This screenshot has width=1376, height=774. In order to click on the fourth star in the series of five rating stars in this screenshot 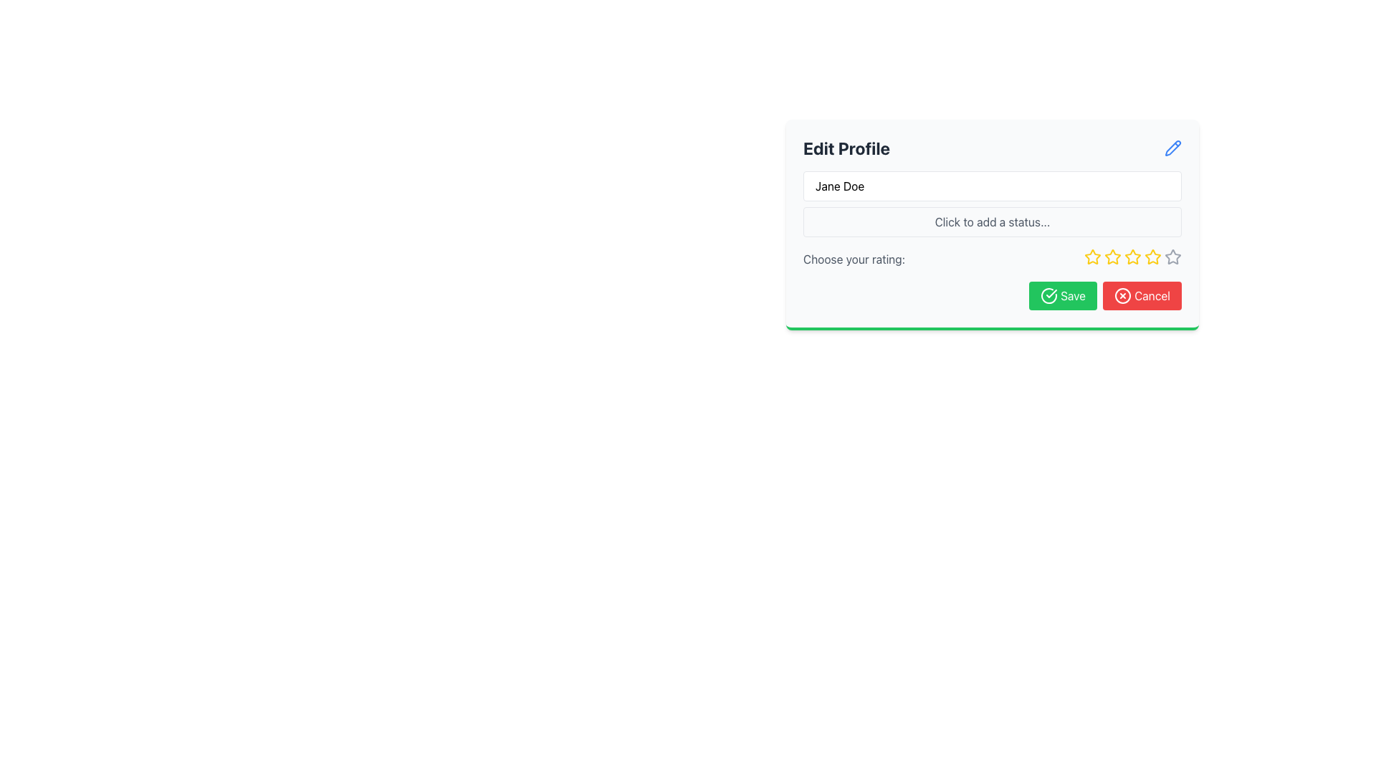, I will do `click(1132, 256)`.